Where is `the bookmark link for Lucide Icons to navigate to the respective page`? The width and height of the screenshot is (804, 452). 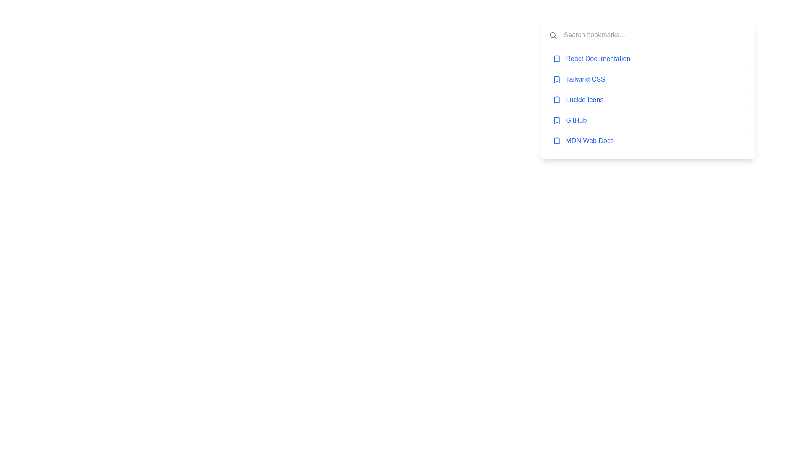
the bookmark link for Lucide Icons to navigate to the respective page is located at coordinates (584, 99).